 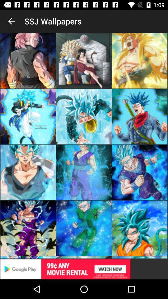 I want to click on the second image in the second row, so click(x=84, y=116).